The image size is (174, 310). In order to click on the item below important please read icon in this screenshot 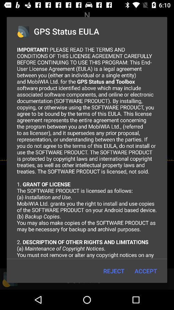, I will do `click(113, 271)`.